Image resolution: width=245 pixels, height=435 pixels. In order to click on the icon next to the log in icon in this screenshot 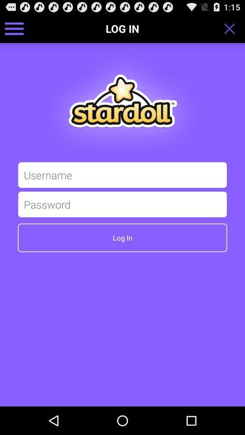, I will do `click(14, 28)`.